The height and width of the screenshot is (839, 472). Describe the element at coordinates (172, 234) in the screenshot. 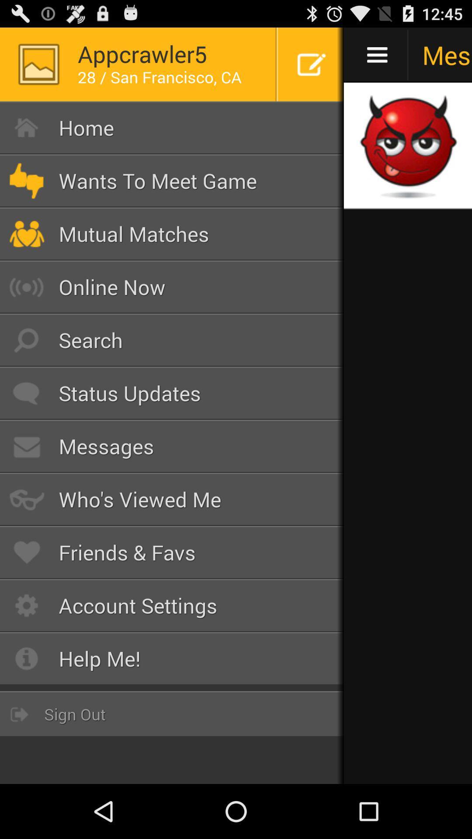

I see `button below wants to meet item` at that location.